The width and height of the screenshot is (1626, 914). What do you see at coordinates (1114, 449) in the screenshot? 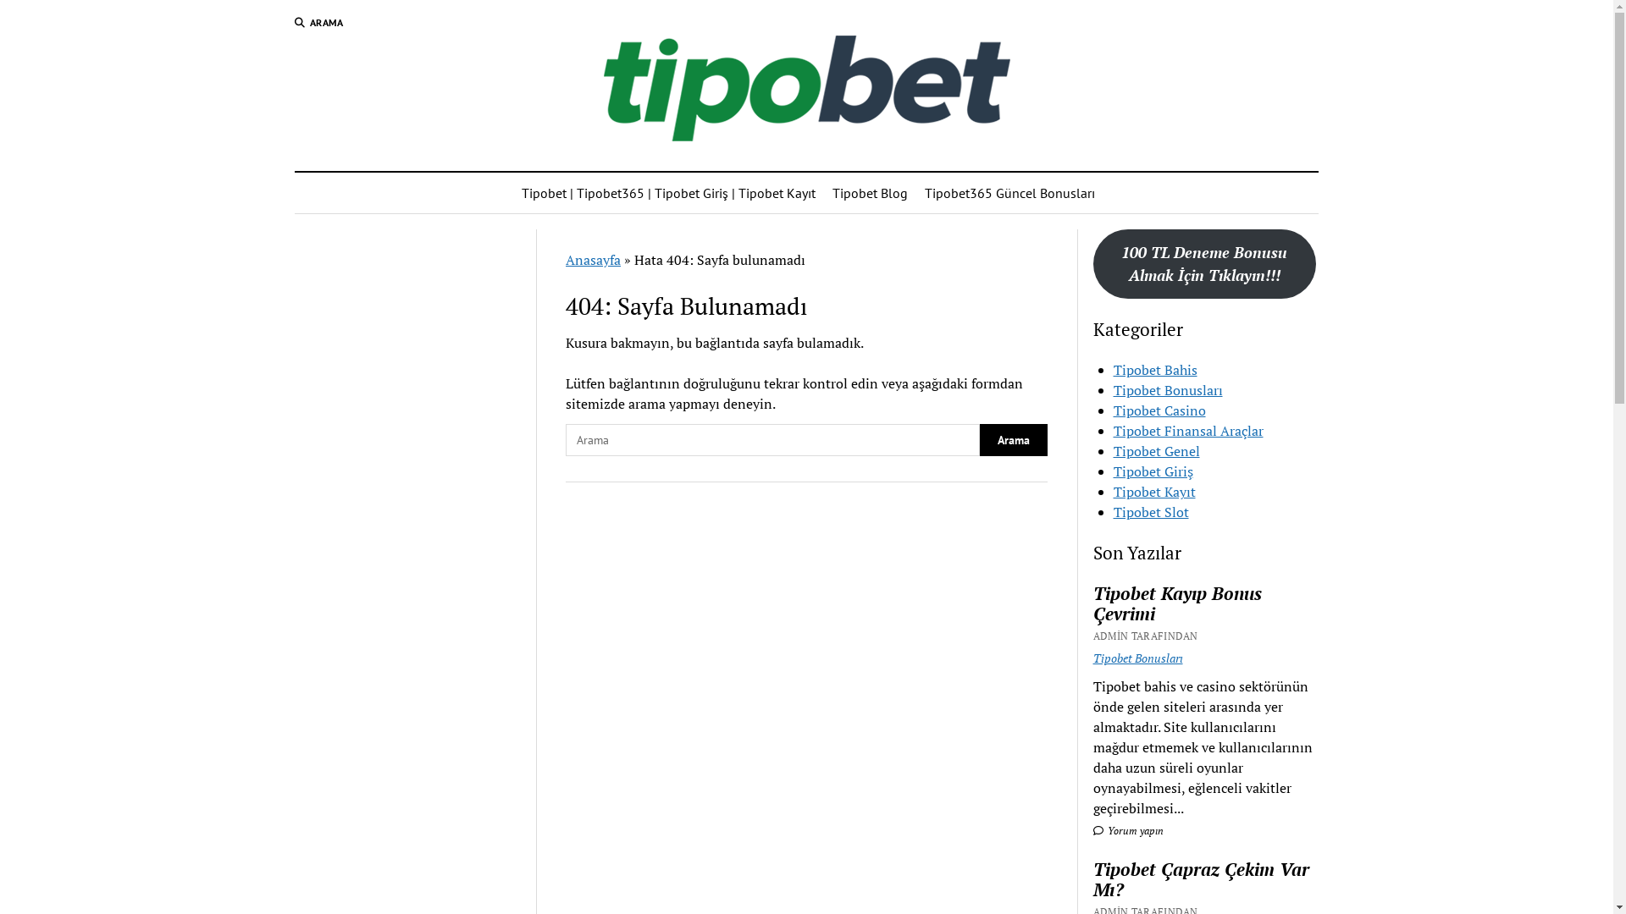
I see `'Tipobet Genel'` at bounding box center [1114, 449].